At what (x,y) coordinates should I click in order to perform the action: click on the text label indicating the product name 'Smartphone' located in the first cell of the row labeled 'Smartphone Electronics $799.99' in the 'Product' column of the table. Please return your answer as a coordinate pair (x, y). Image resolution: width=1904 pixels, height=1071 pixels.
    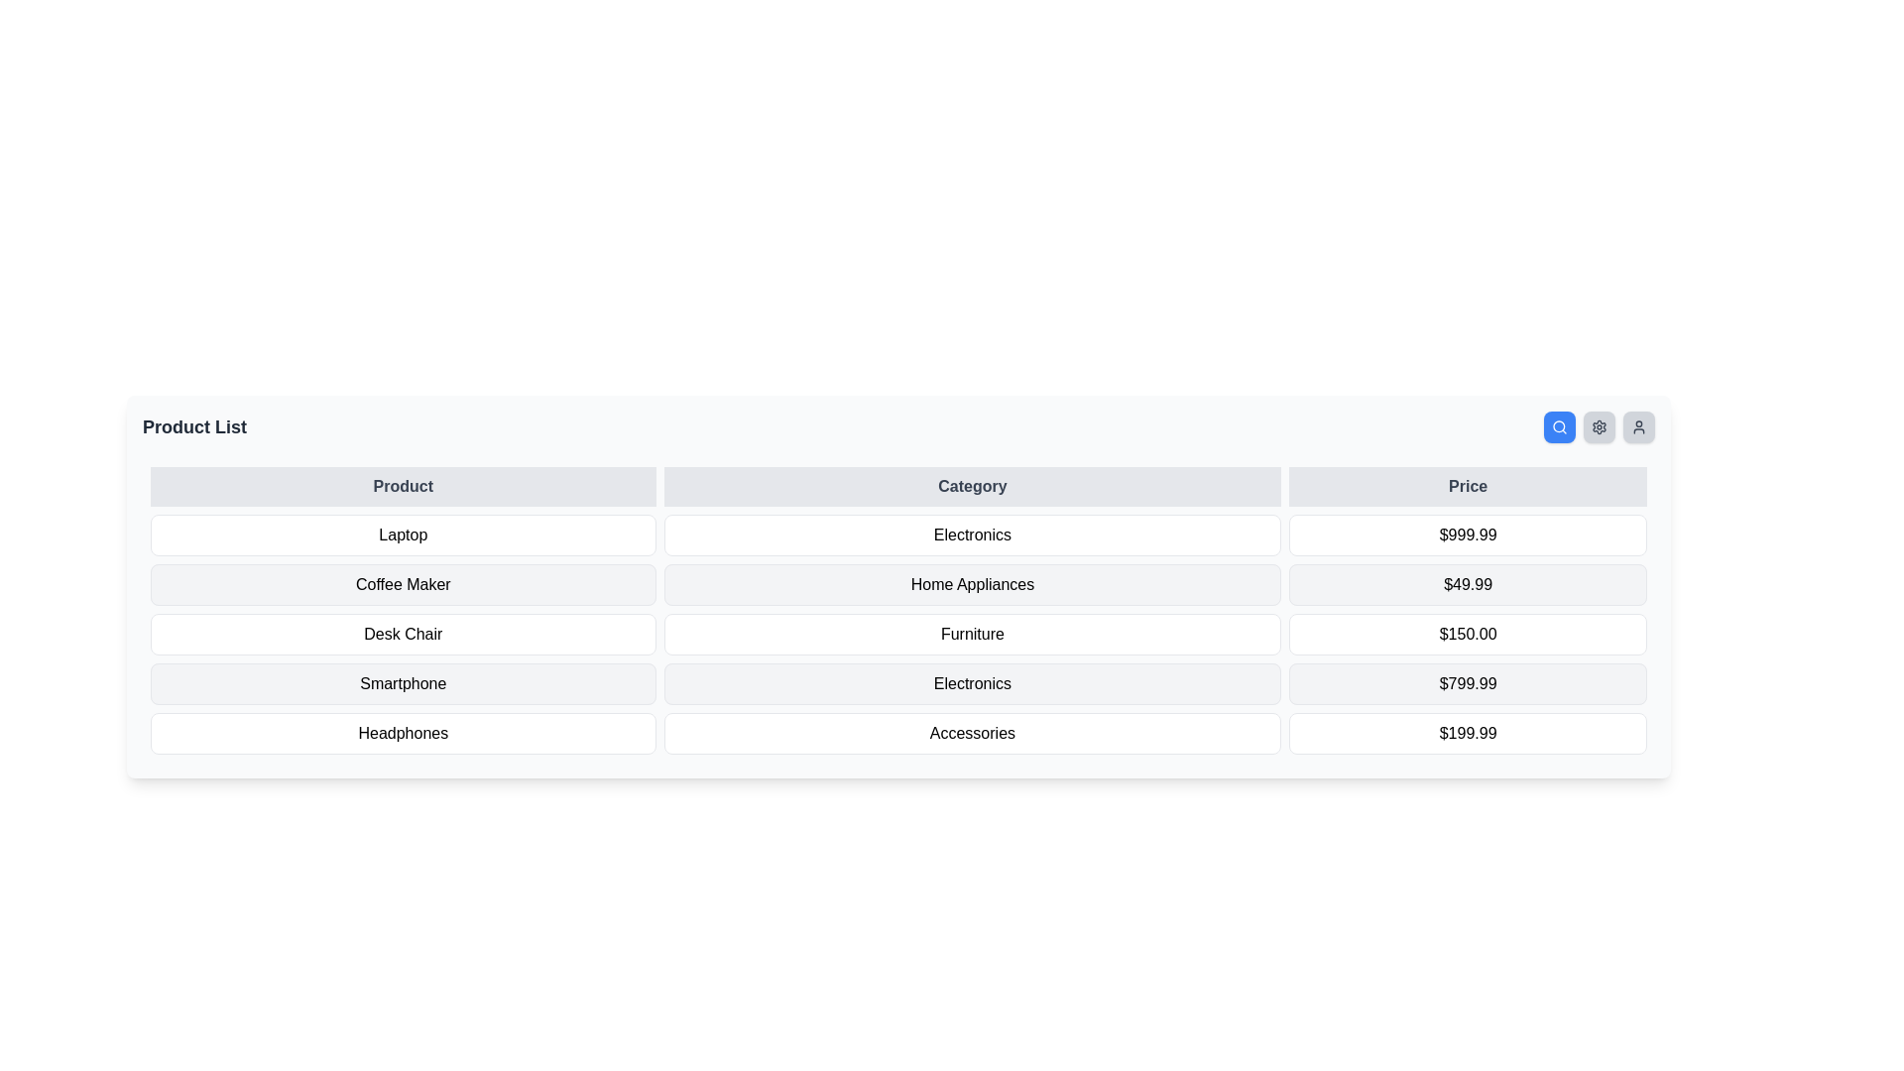
    Looking at the image, I should click on (402, 683).